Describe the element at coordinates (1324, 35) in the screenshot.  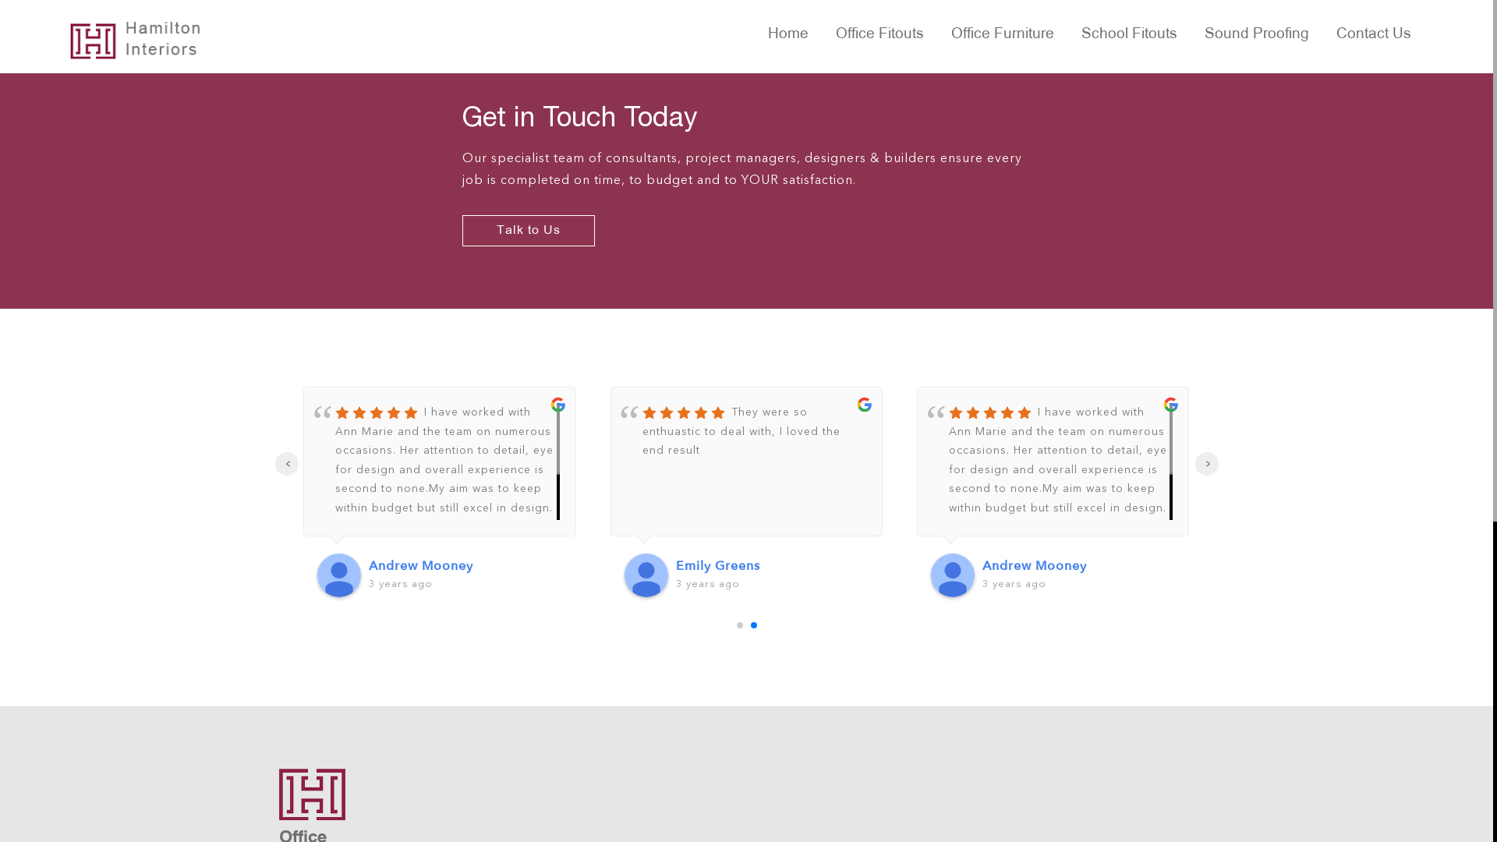
I see `'Contact Us'` at that location.